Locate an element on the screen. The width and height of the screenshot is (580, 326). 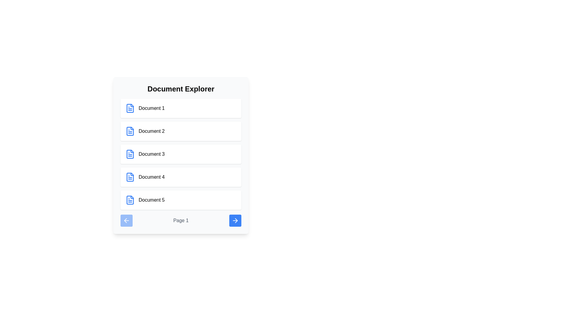
the document icon representing 'Document 2', which is located in the second list item of the interface, aligned horizontally left of the text is located at coordinates (130, 131).